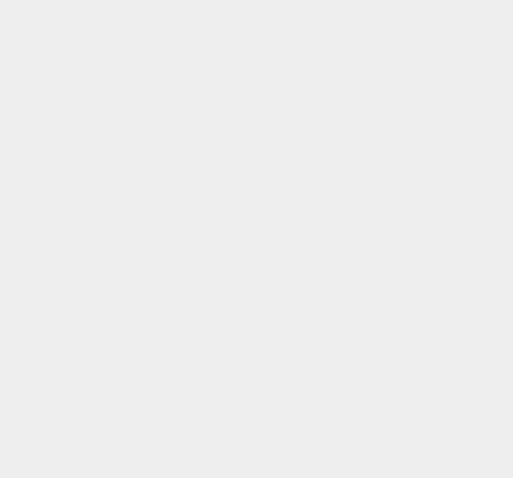 This screenshot has width=513, height=478. What do you see at coordinates (362, 349) in the screenshot?
I see `'Facebook Credits'` at bounding box center [362, 349].